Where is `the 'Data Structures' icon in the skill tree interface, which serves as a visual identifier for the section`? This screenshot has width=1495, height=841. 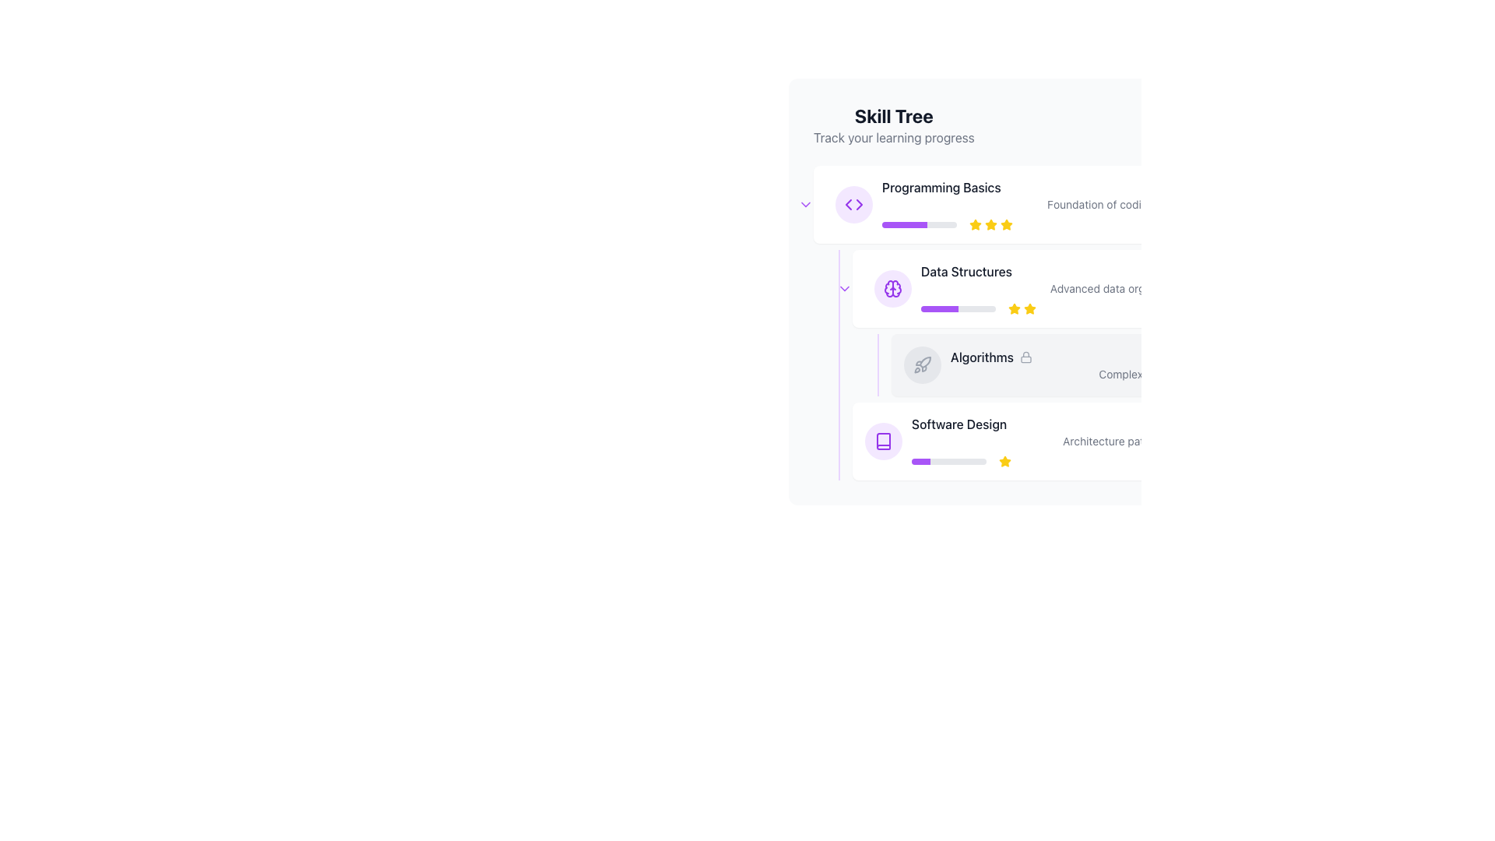 the 'Data Structures' icon in the skill tree interface, which serves as a visual identifier for the section is located at coordinates (893, 288).